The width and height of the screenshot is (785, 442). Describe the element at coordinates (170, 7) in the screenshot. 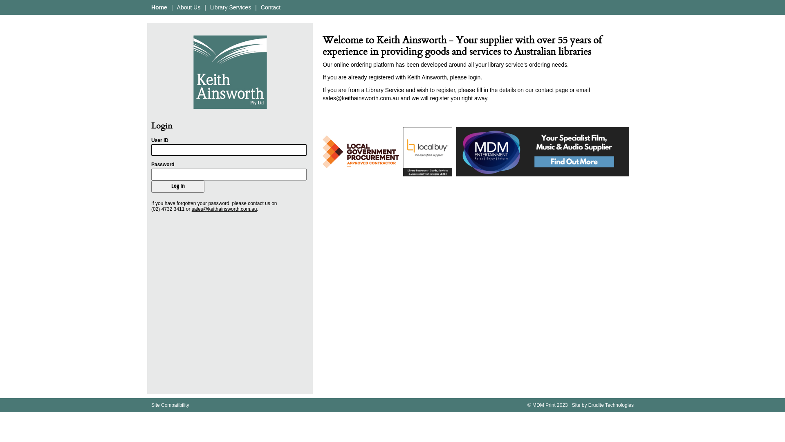

I see `'|'` at that location.